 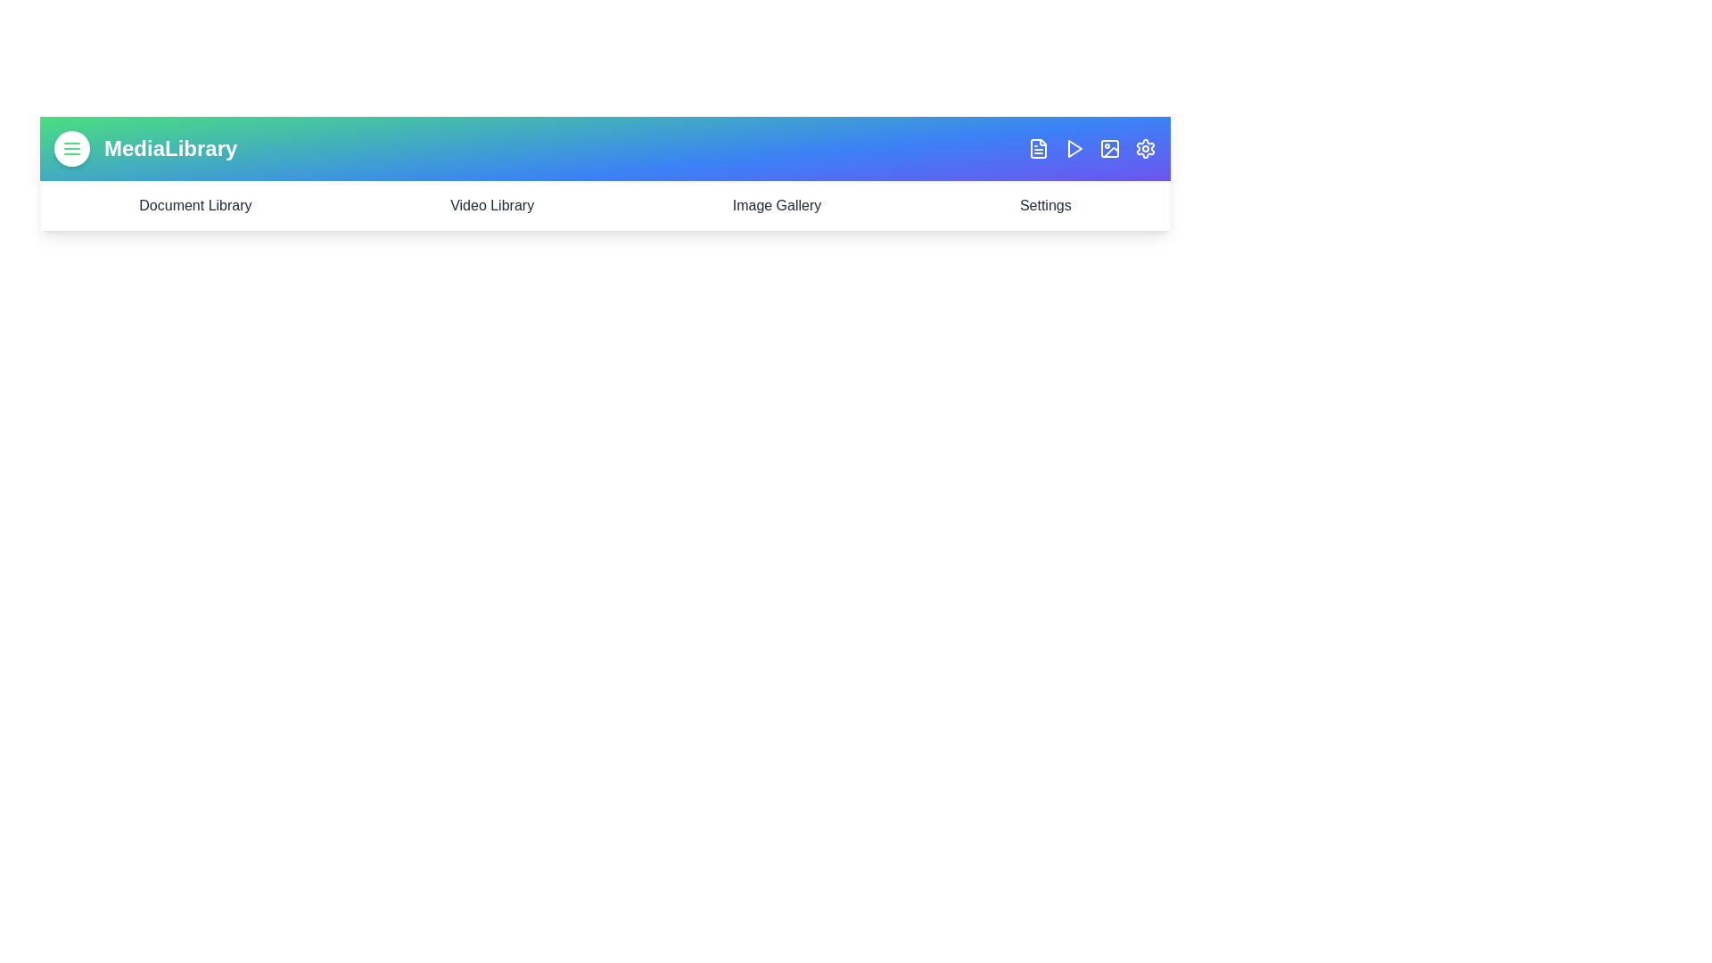 What do you see at coordinates (71, 147) in the screenshot?
I see `the menu button to toggle the menu visibility` at bounding box center [71, 147].